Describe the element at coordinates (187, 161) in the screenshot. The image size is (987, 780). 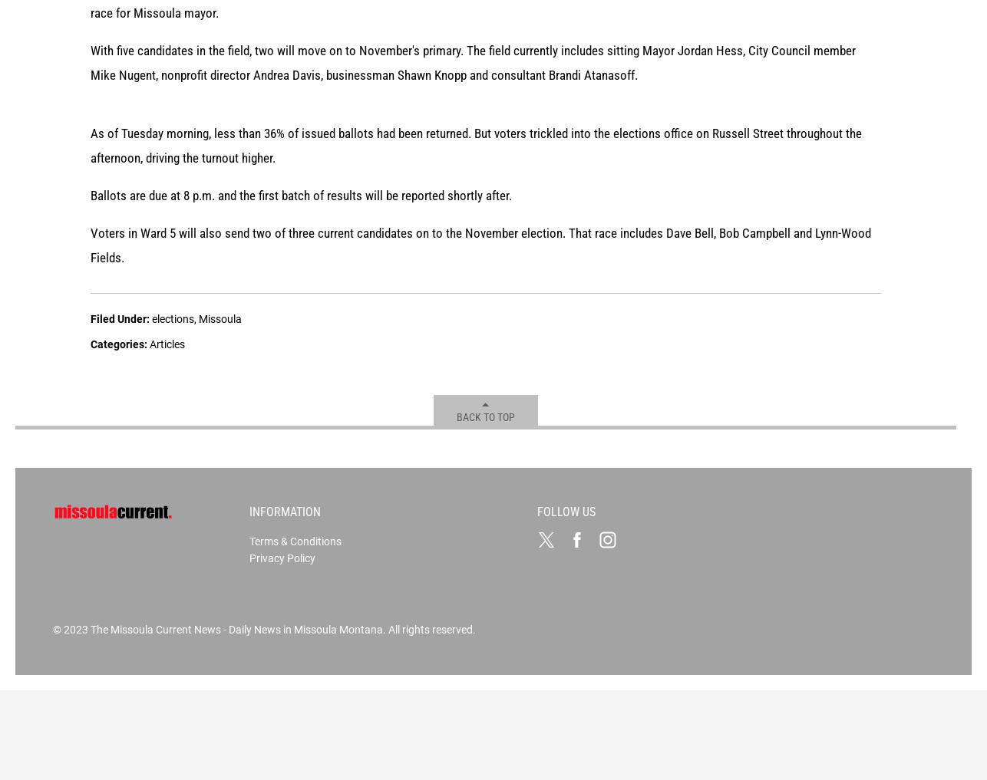
I see `'Share on Facebook'` at that location.